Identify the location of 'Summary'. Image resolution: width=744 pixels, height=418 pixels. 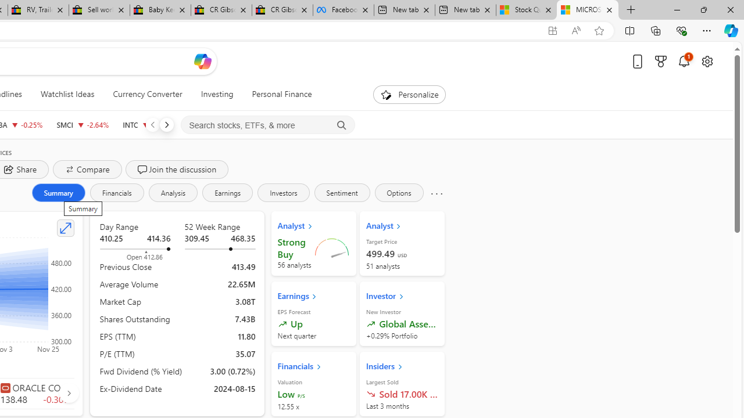
(58, 192).